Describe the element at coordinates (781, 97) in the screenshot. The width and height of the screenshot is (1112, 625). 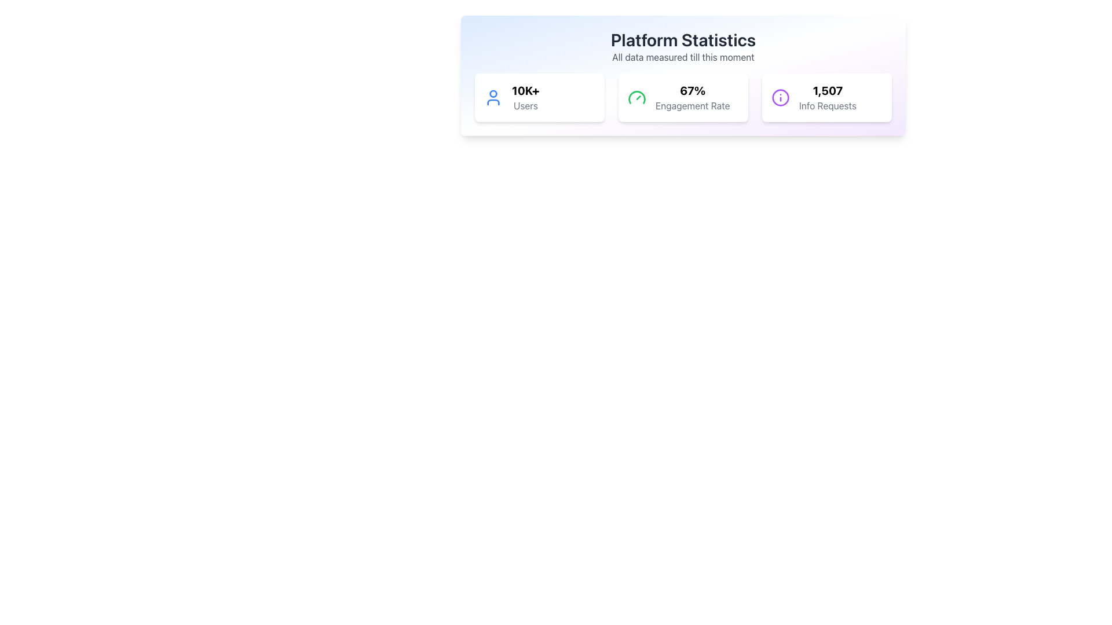
I see `the SVG circle element located in the "Info Requests" card, positioned to the right of the number "1,507"` at that location.